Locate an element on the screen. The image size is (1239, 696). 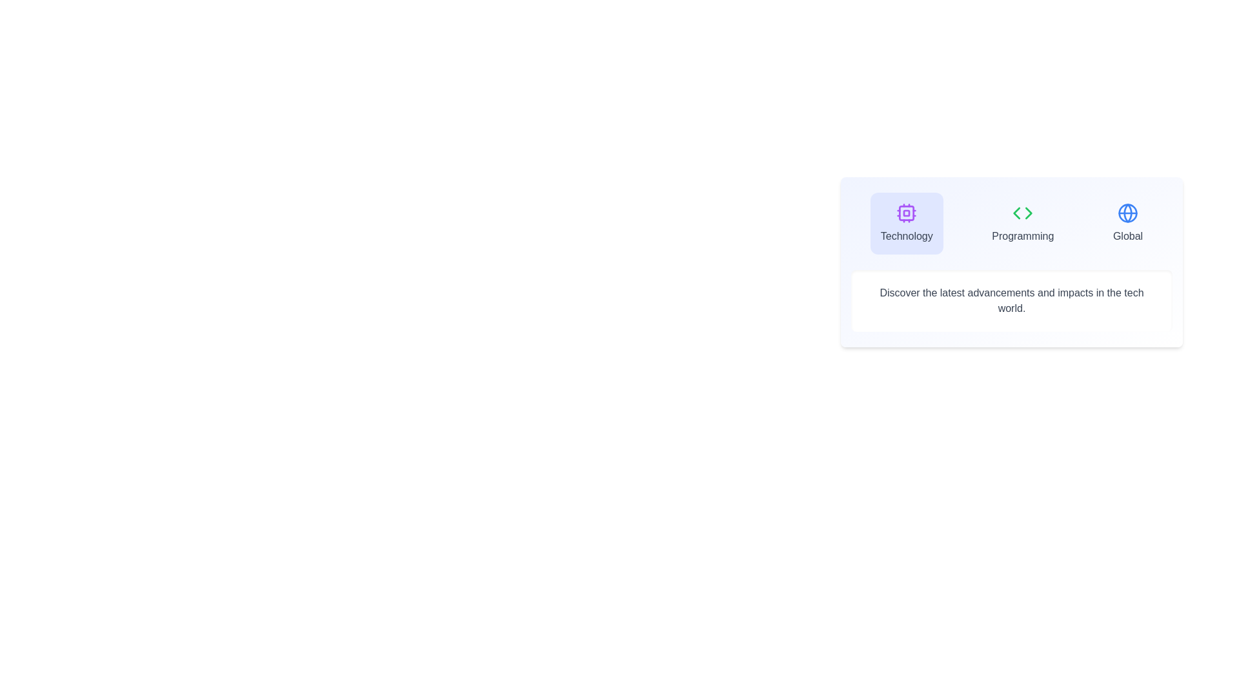
the tab labeled Global to view its content is located at coordinates (1127, 223).